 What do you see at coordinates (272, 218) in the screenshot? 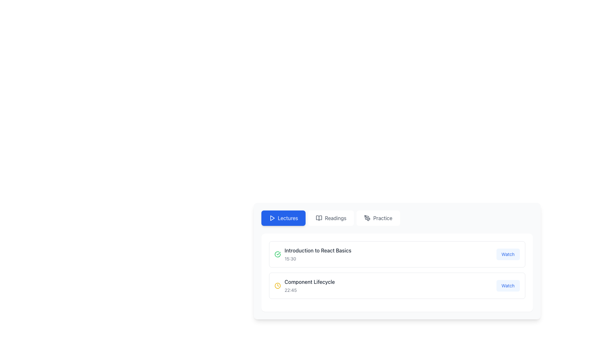
I see `the triangular play icon with a blue background and white outline located in the top-left corner of the Lectures button in the navigation bar` at bounding box center [272, 218].